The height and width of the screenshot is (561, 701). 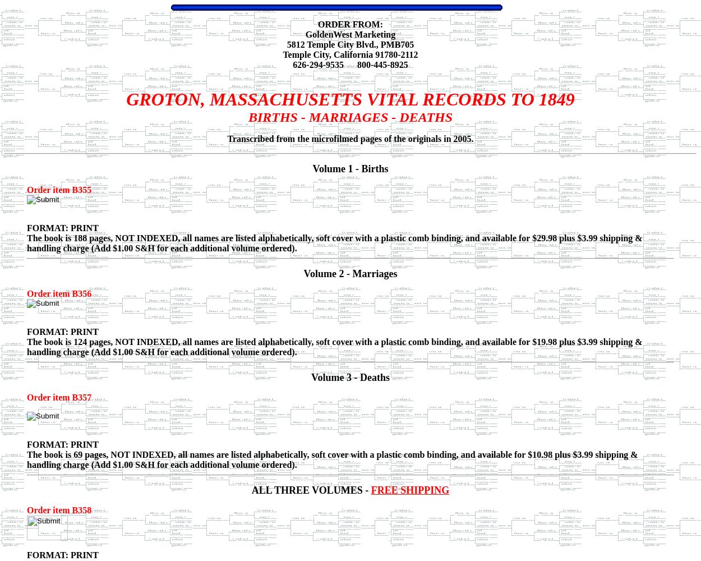 What do you see at coordinates (58, 293) in the screenshot?
I see `'Order item B356'` at bounding box center [58, 293].